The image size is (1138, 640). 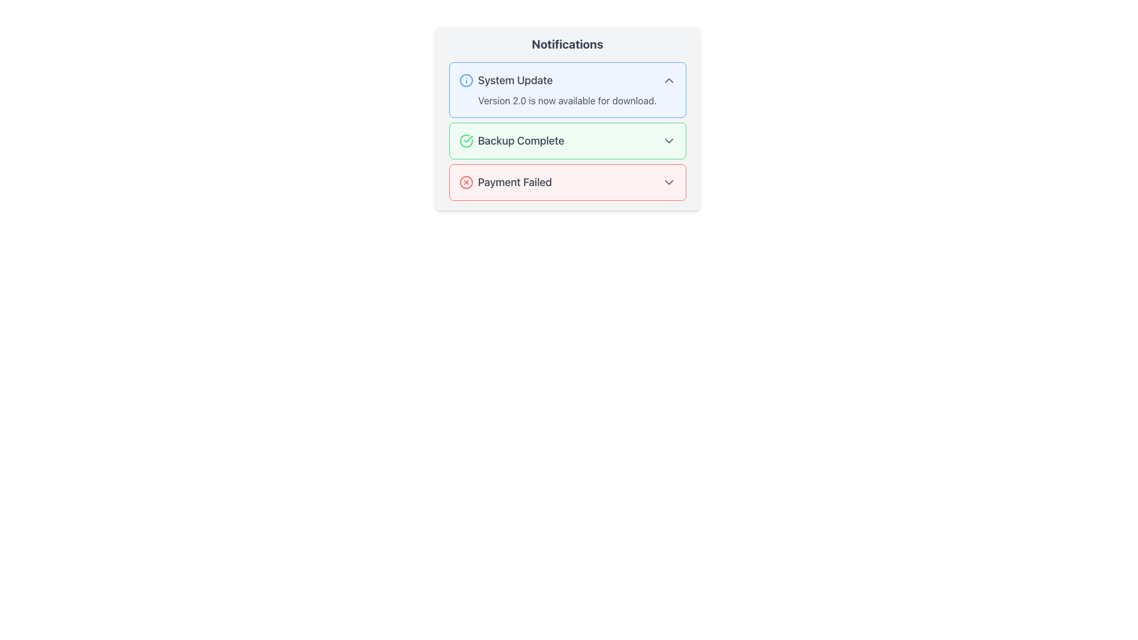 I want to click on the circular red outlined icon with a red 'X' symbol, which is aligned with the 'Payment Failed' notification text, positioned at the far left of the notification item, so click(x=465, y=183).